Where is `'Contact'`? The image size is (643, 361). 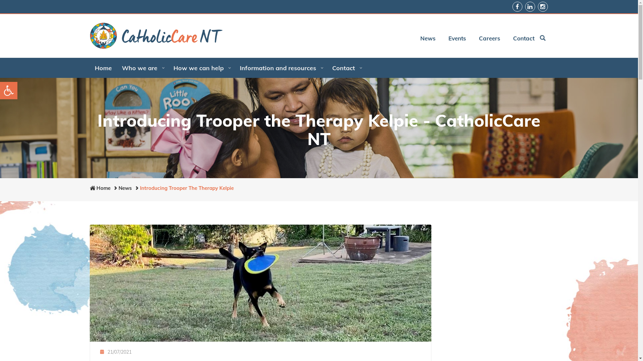
'Contact' is located at coordinates (521, 38).